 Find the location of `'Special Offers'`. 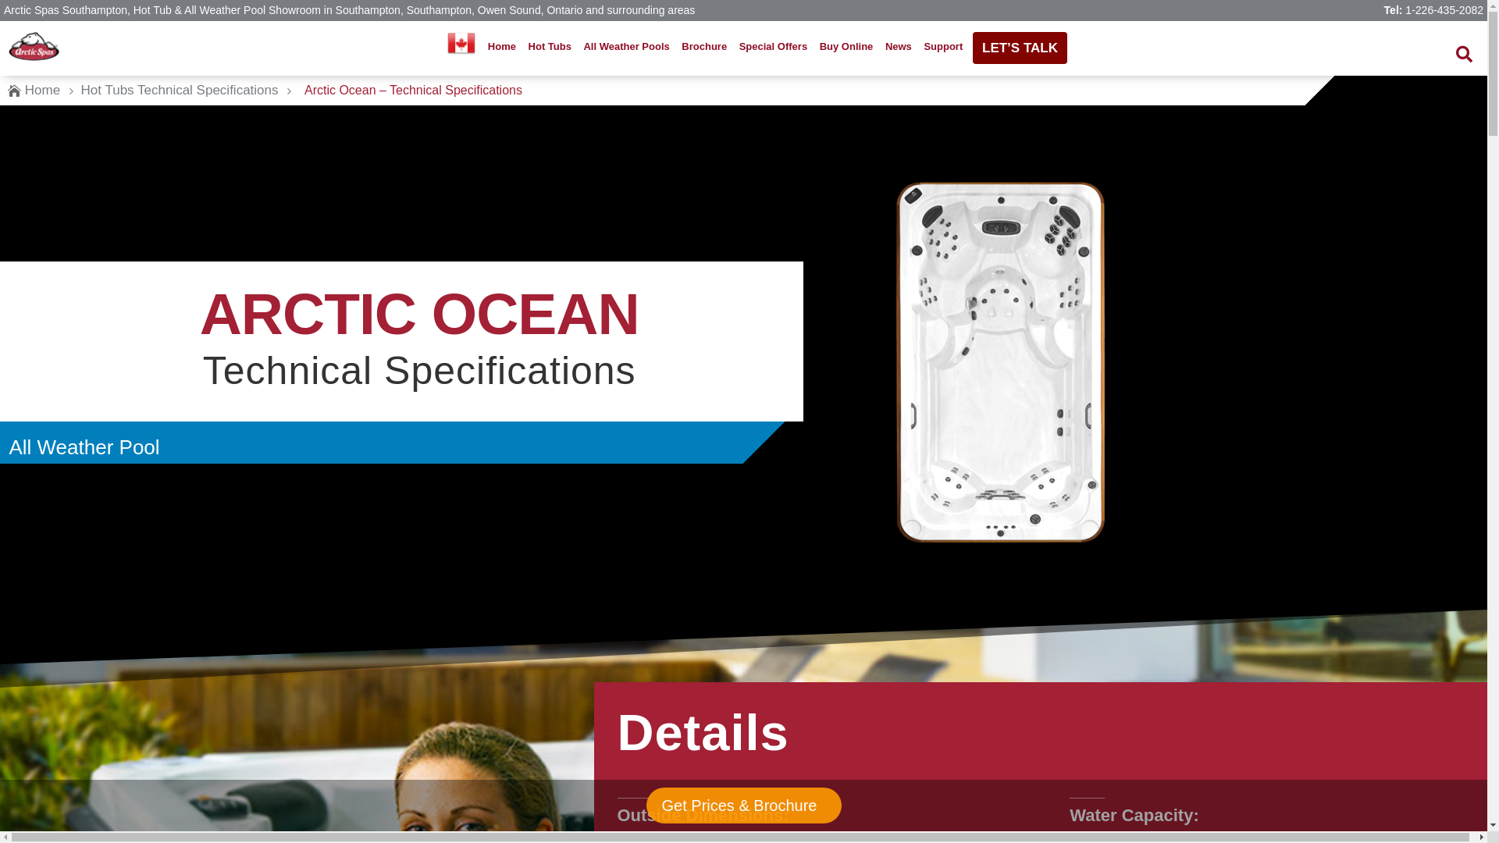

'Special Offers' is located at coordinates (773, 45).